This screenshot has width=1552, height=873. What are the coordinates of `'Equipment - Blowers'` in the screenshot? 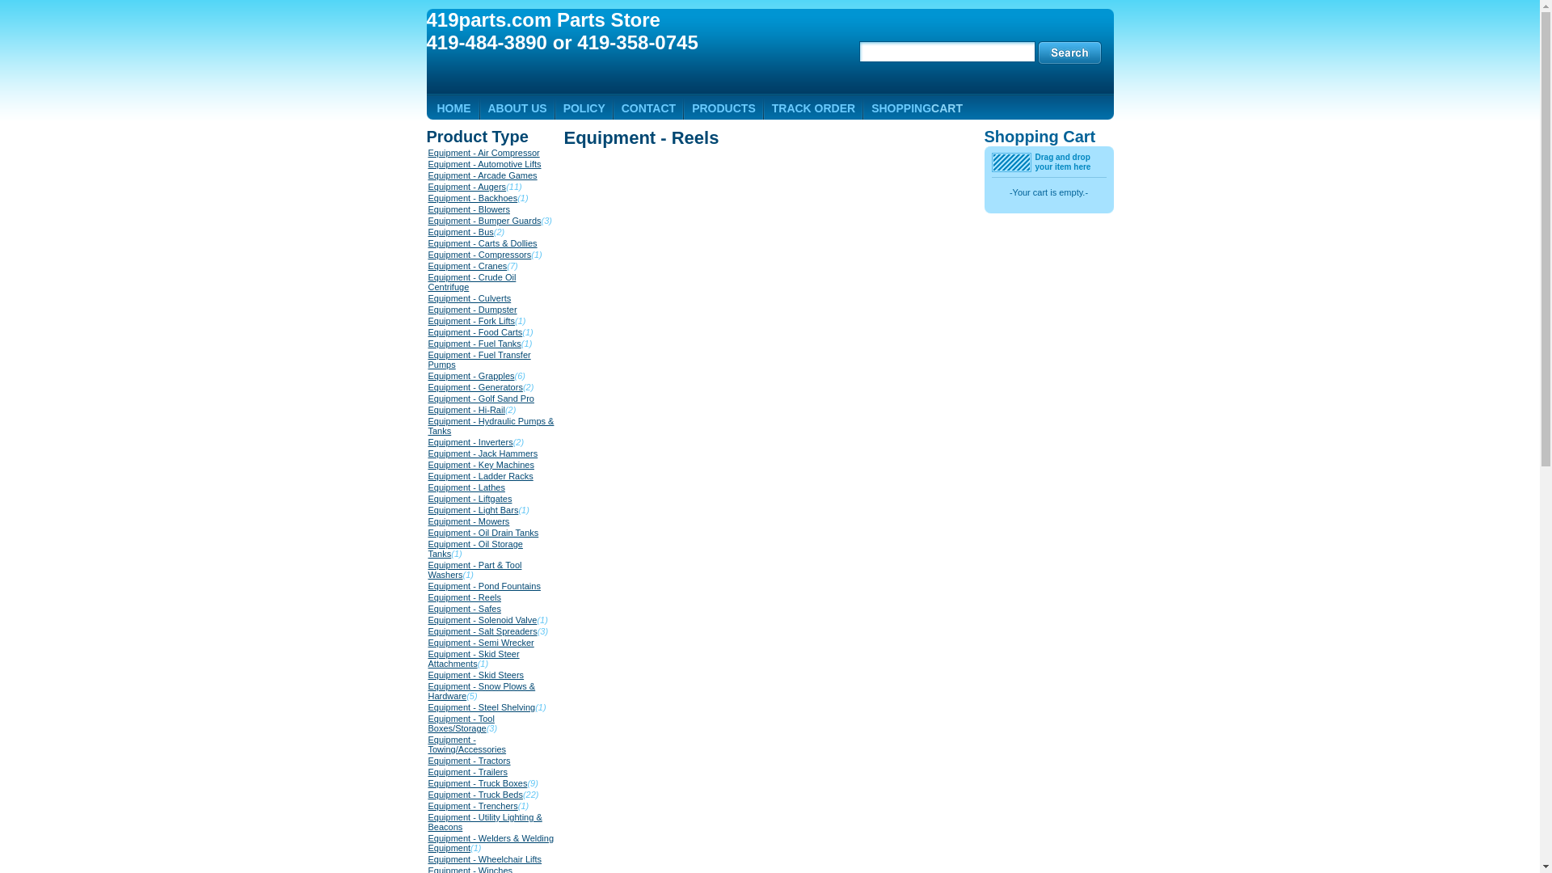 It's located at (428, 208).